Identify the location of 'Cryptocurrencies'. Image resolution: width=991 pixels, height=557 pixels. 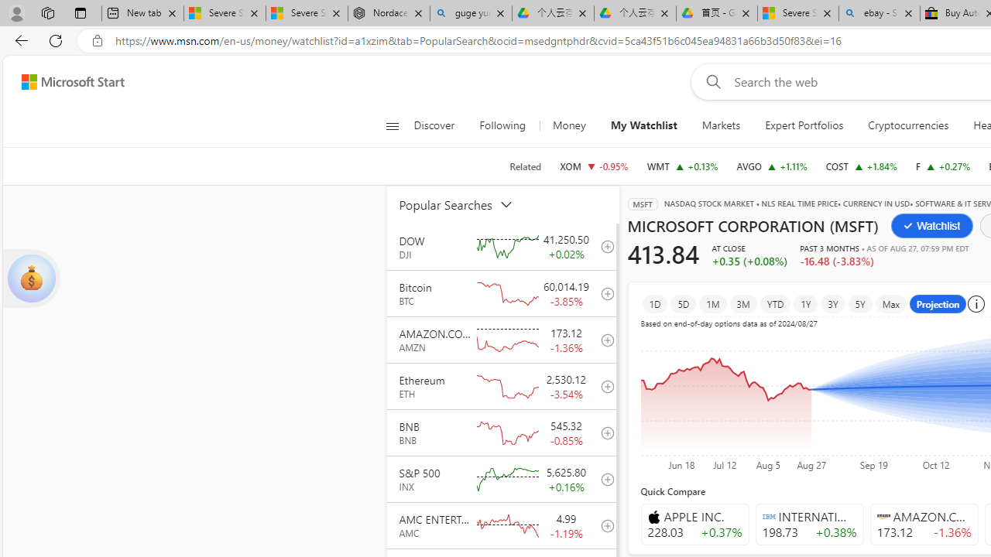
(908, 125).